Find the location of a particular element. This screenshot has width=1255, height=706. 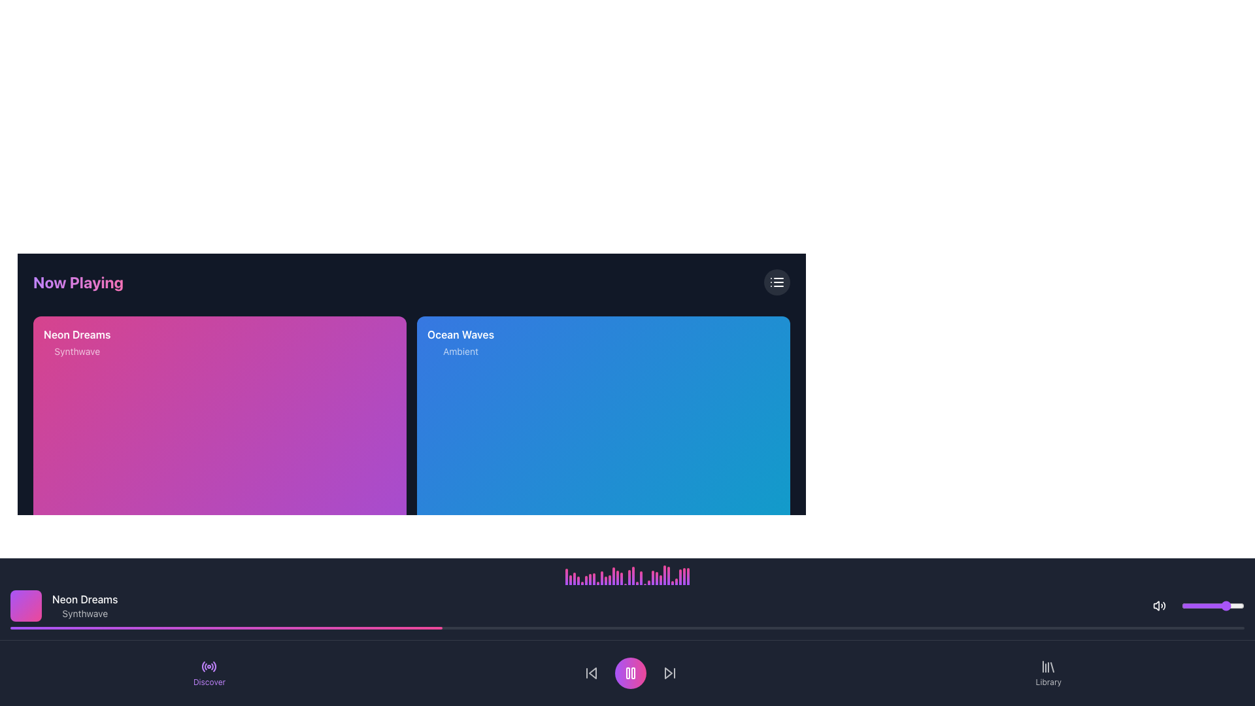

the 19th vertical gradient bar, rounded at the top, to interact with it is located at coordinates (637, 577).